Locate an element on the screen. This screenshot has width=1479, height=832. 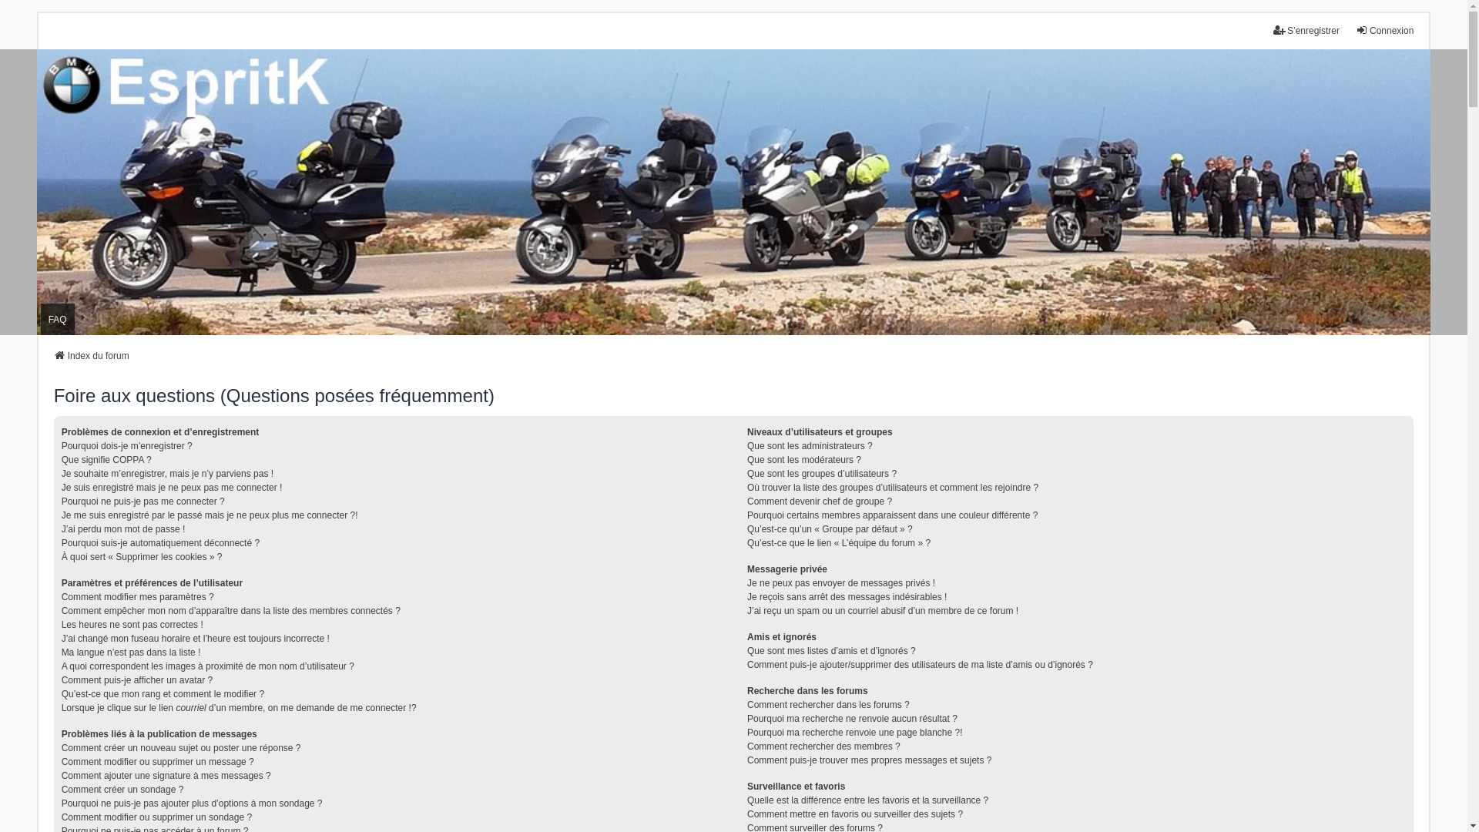
'Les heures ne sont pas correctes !' is located at coordinates (132, 624).